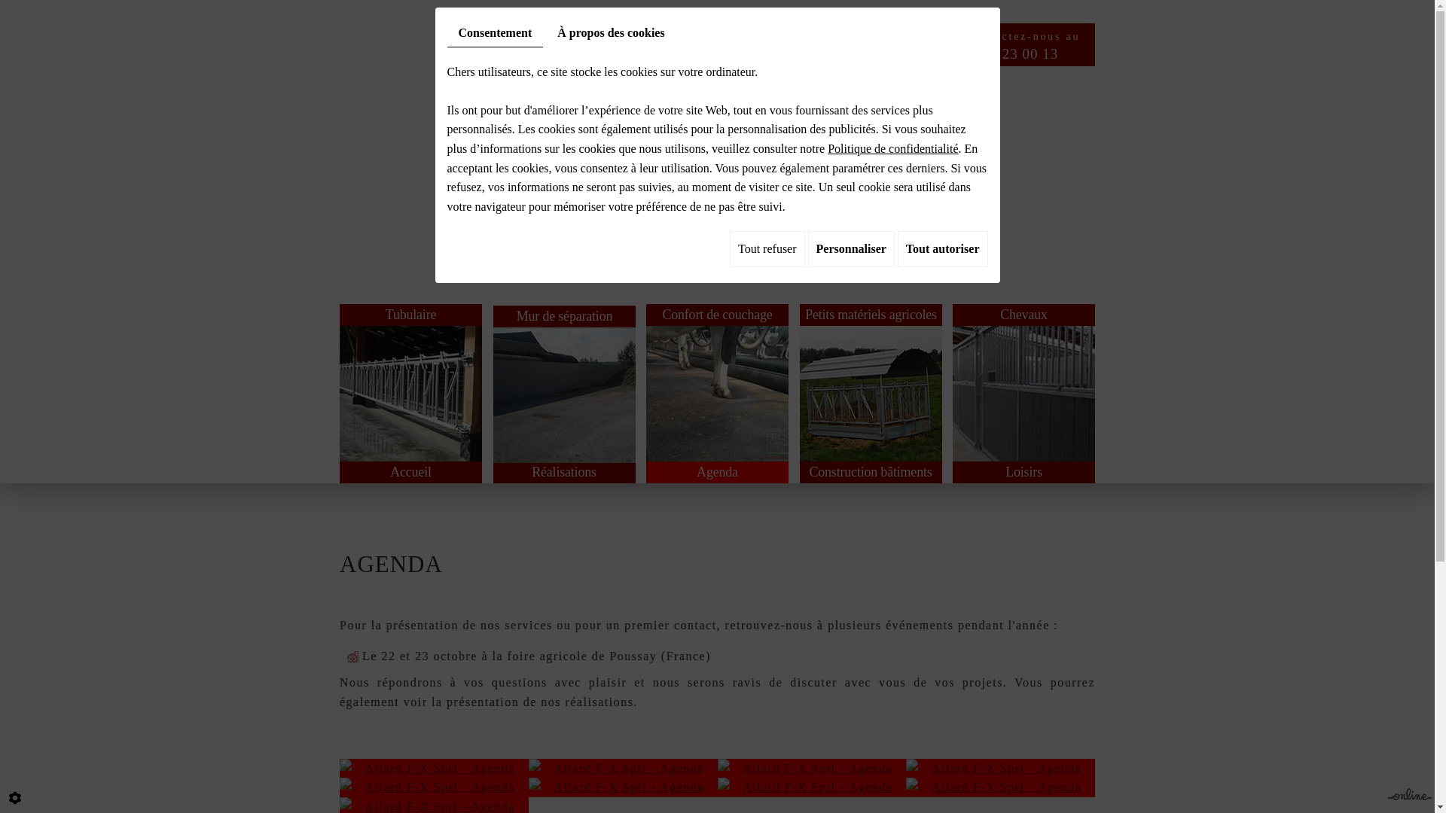 This screenshot has height=813, width=1446. I want to click on 'Accueil', so click(410, 471).